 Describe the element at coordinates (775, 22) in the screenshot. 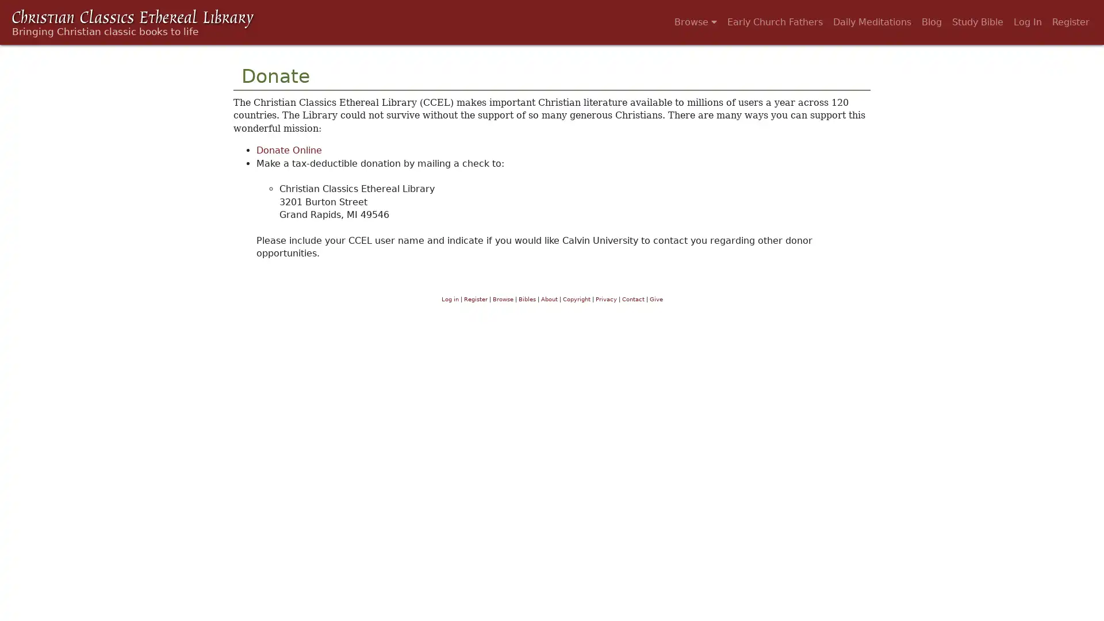

I see `Early Church Fathers` at that location.